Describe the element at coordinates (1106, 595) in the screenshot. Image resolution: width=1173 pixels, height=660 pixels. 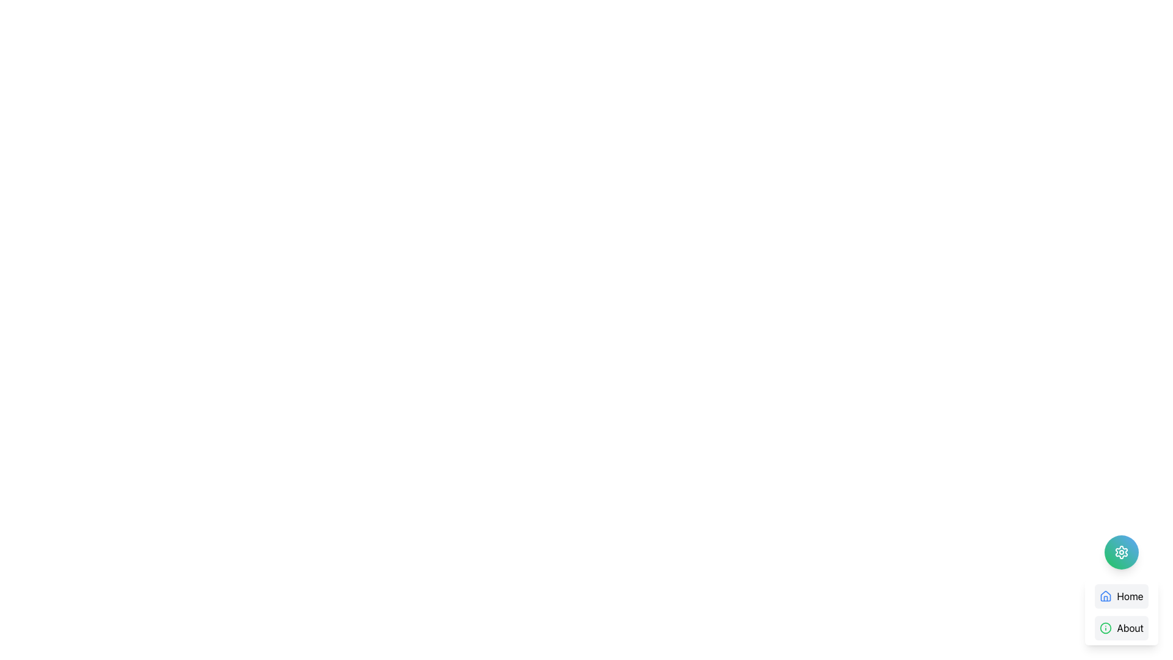
I see `the topmost part of the house-shaped icon located towards the bottom-right corner of the interface to redirect to the main page of the application` at that location.